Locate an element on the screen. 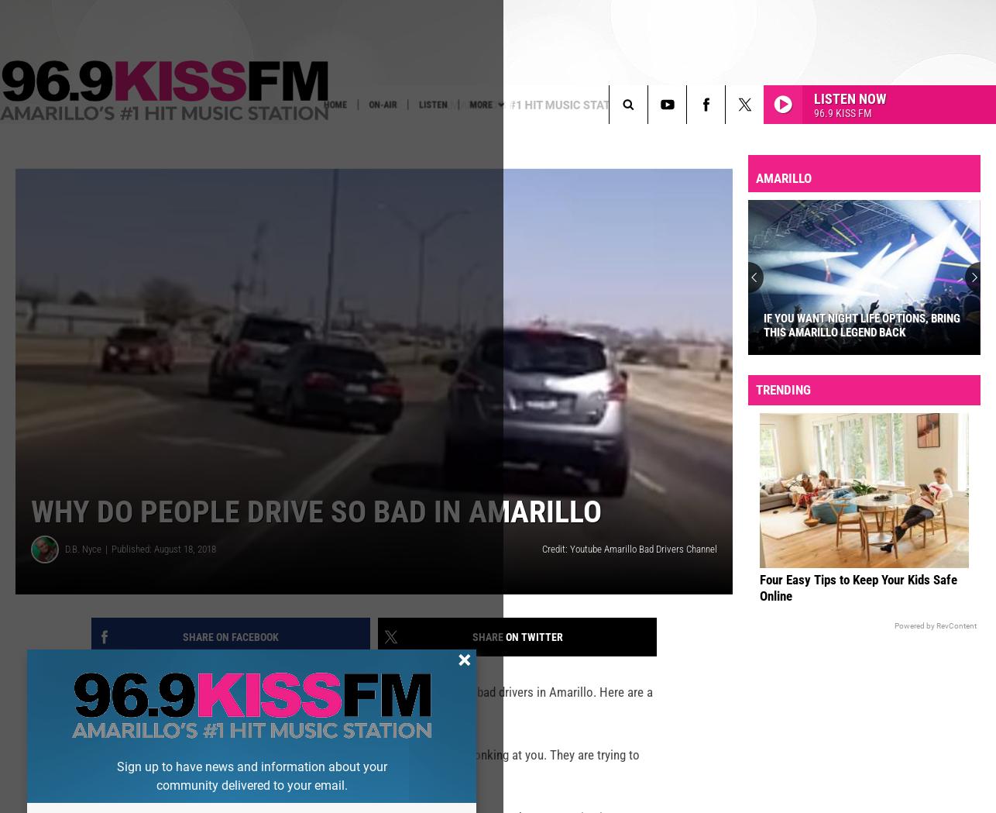  'Share on Facebook' is located at coordinates (230, 661).